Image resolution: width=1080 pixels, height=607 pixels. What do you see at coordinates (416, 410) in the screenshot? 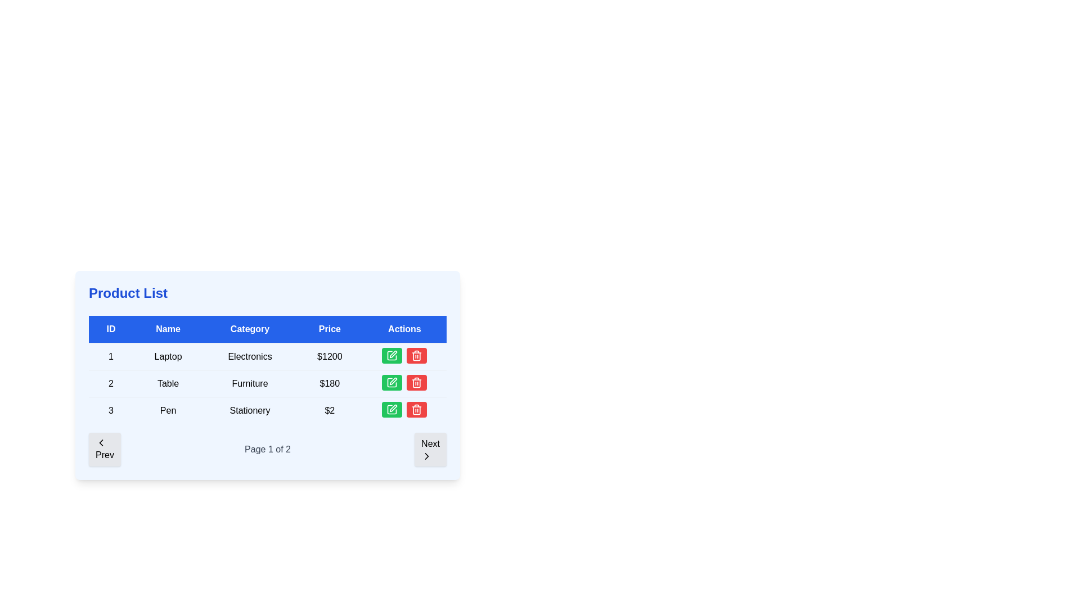
I see `the delete icon in the 'Actions' column corresponding to the row labeled '3 Pen Stationery $2'` at bounding box center [416, 410].